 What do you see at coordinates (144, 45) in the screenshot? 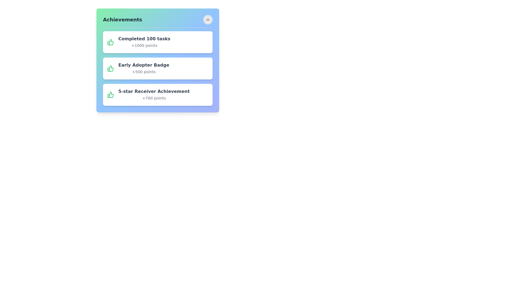
I see `the text label that indicates the points achieved for completing a task, which is located below and aligned to the right of the text 'Completed 100 tasks' on the first card in the list` at bounding box center [144, 45].